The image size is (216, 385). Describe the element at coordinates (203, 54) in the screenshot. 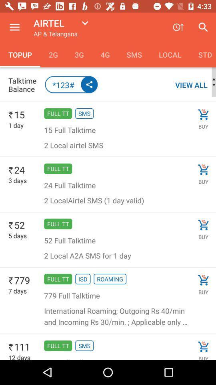

I see `the item above view all icon` at that location.